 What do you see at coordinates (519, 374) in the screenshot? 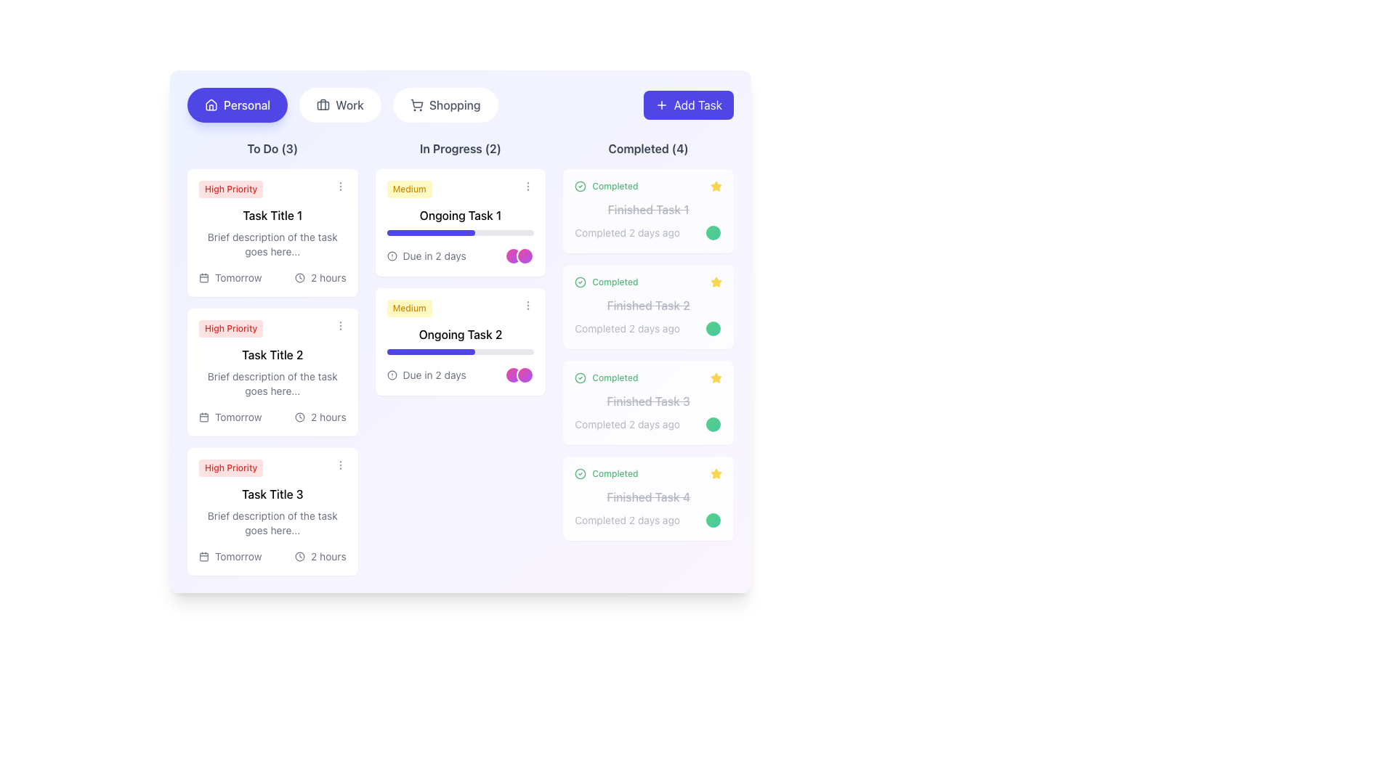
I see `the visual indicator consisting of two overlapping circular shapes with a gradient color transitioning from pink to purple, located in the 'In Progress' section under the task labeled 'Ongoing Task 2', near the text 'Due in 2 days'` at bounding box center [519, 374].